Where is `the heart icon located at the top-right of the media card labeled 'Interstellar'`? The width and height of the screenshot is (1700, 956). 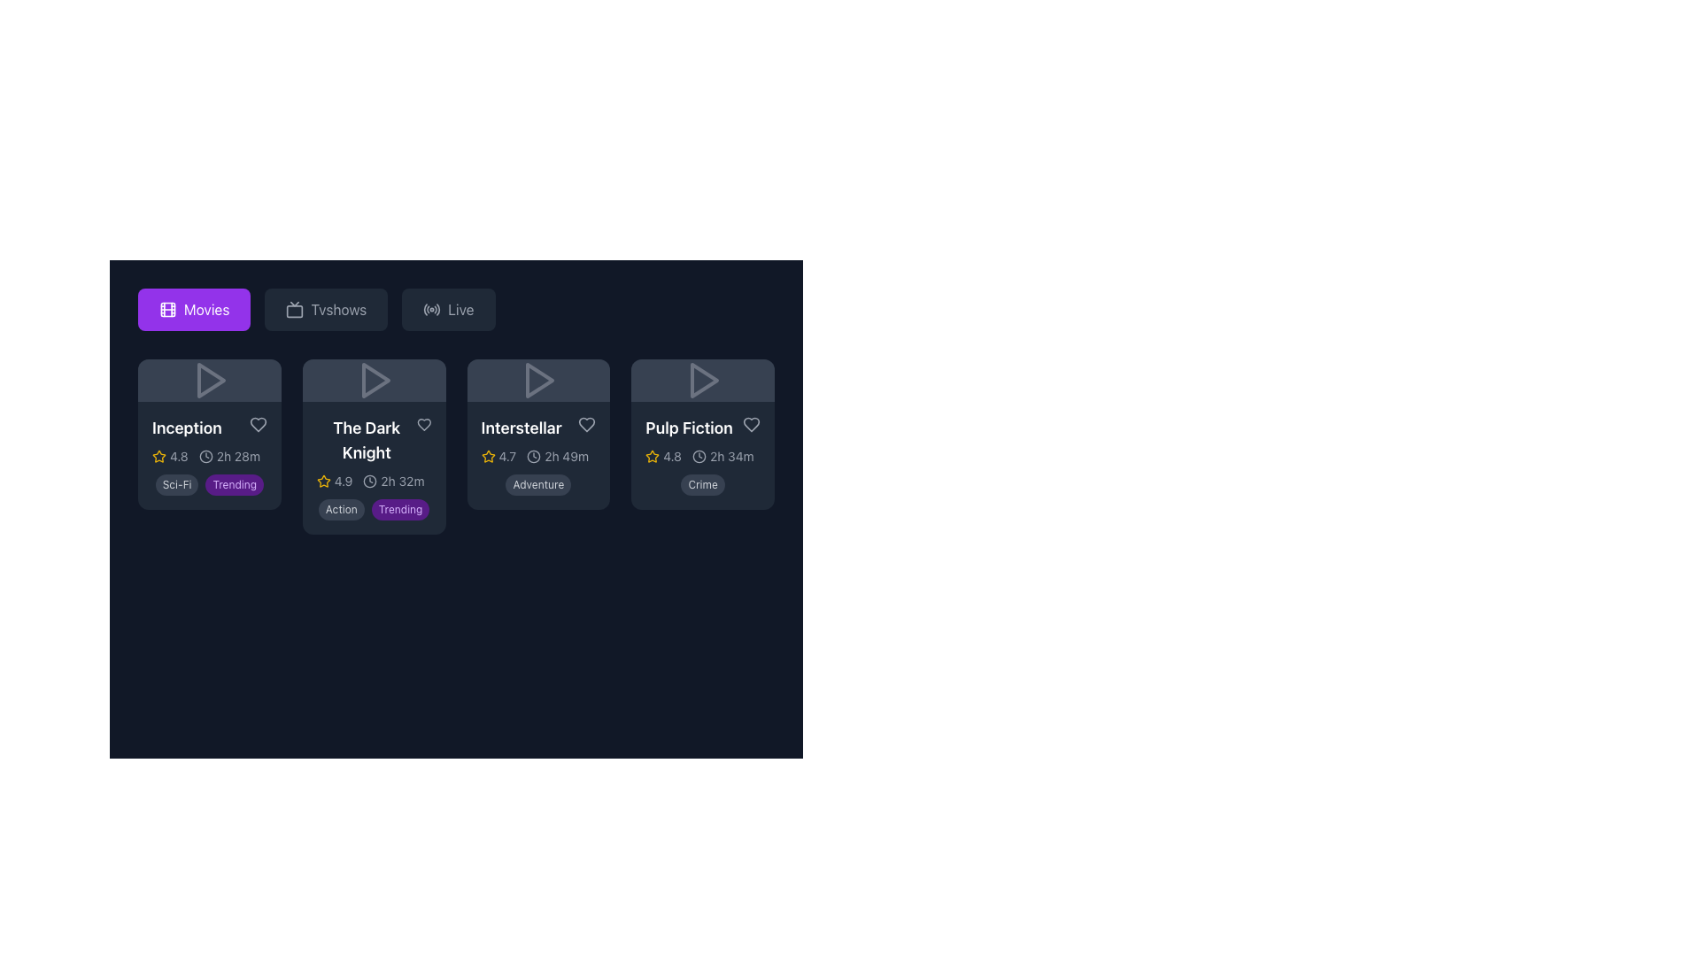 the heart icon located at the top-right of the media card labeled 'Interstellar' is located at coordinates (587, 424).